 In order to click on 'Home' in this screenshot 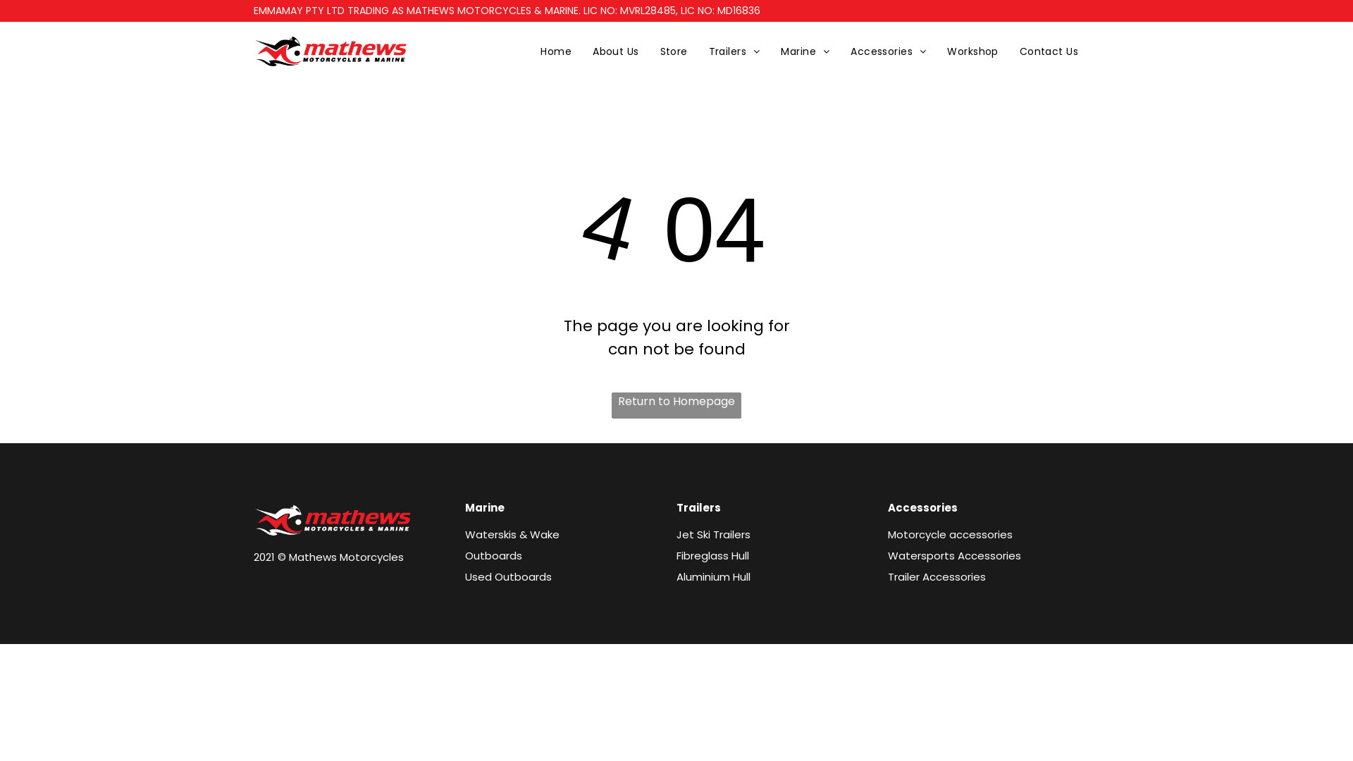, I will do `click(529, 51)`.